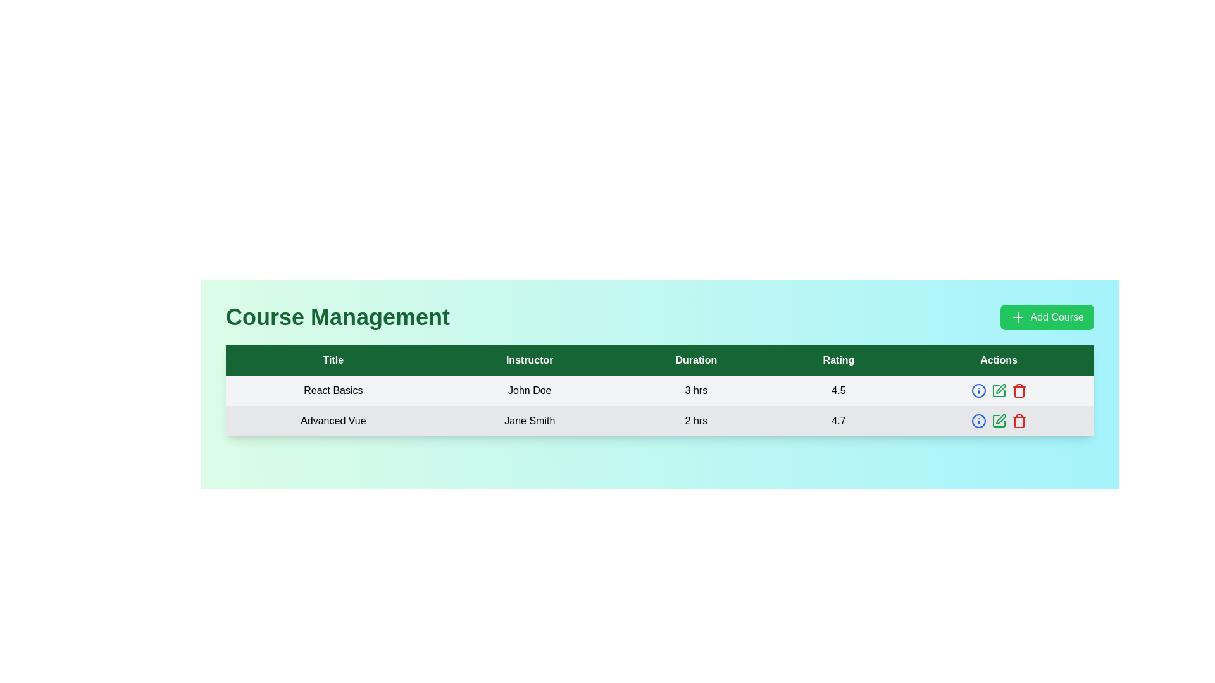 Image resolution: width=1215 pixels, height=683 pixels. I want to click on the blue circular information icon located as the first icon in the 'Actions' column of the second row in the table, so click(978, 421).